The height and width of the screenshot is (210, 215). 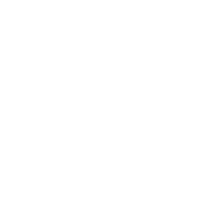 I want to click on 'DNA-Free:', so click(x=35, y=160).